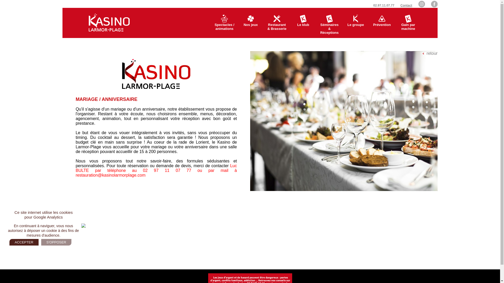 The height and width of the screenshot is (283, 504). What do you see at coordinates (211, 23) in the screenshot?
I see `'Spectacles / animations'` at bounding box center [211, 23].